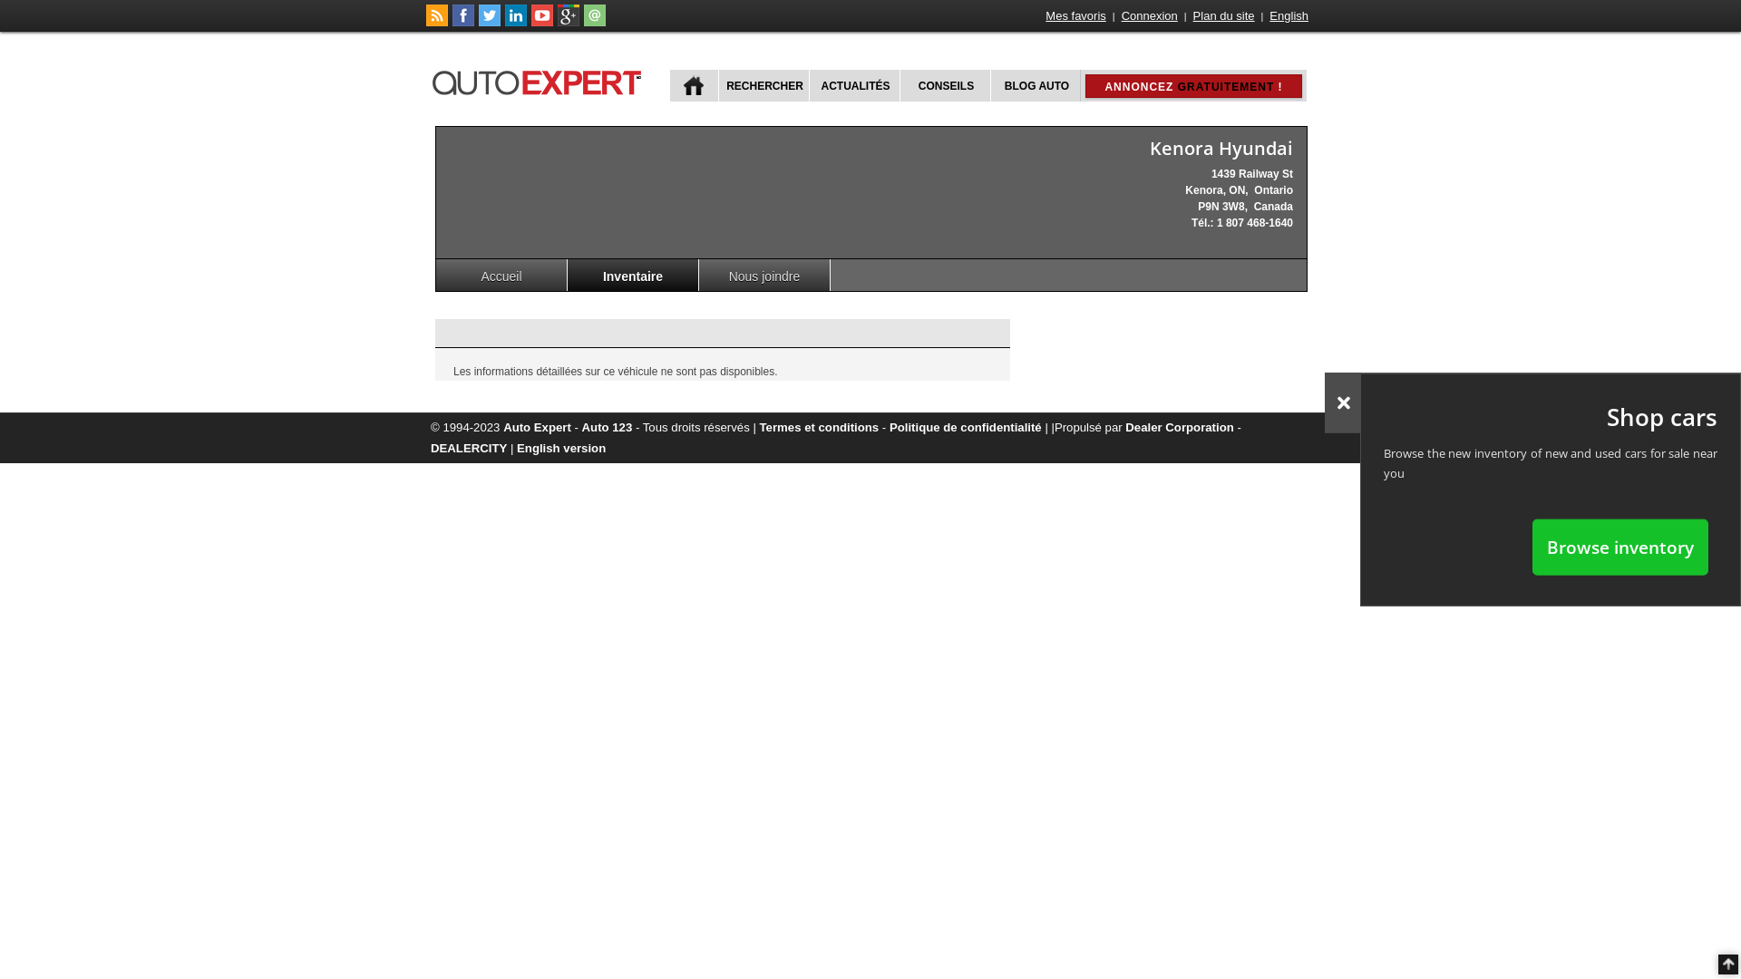 Image resolution: width=1741 pixels, height=979 pixels. Describe the element at coordinates (1179, 427) in the screenshot. I see `'Dealer Corporation'` at that location.